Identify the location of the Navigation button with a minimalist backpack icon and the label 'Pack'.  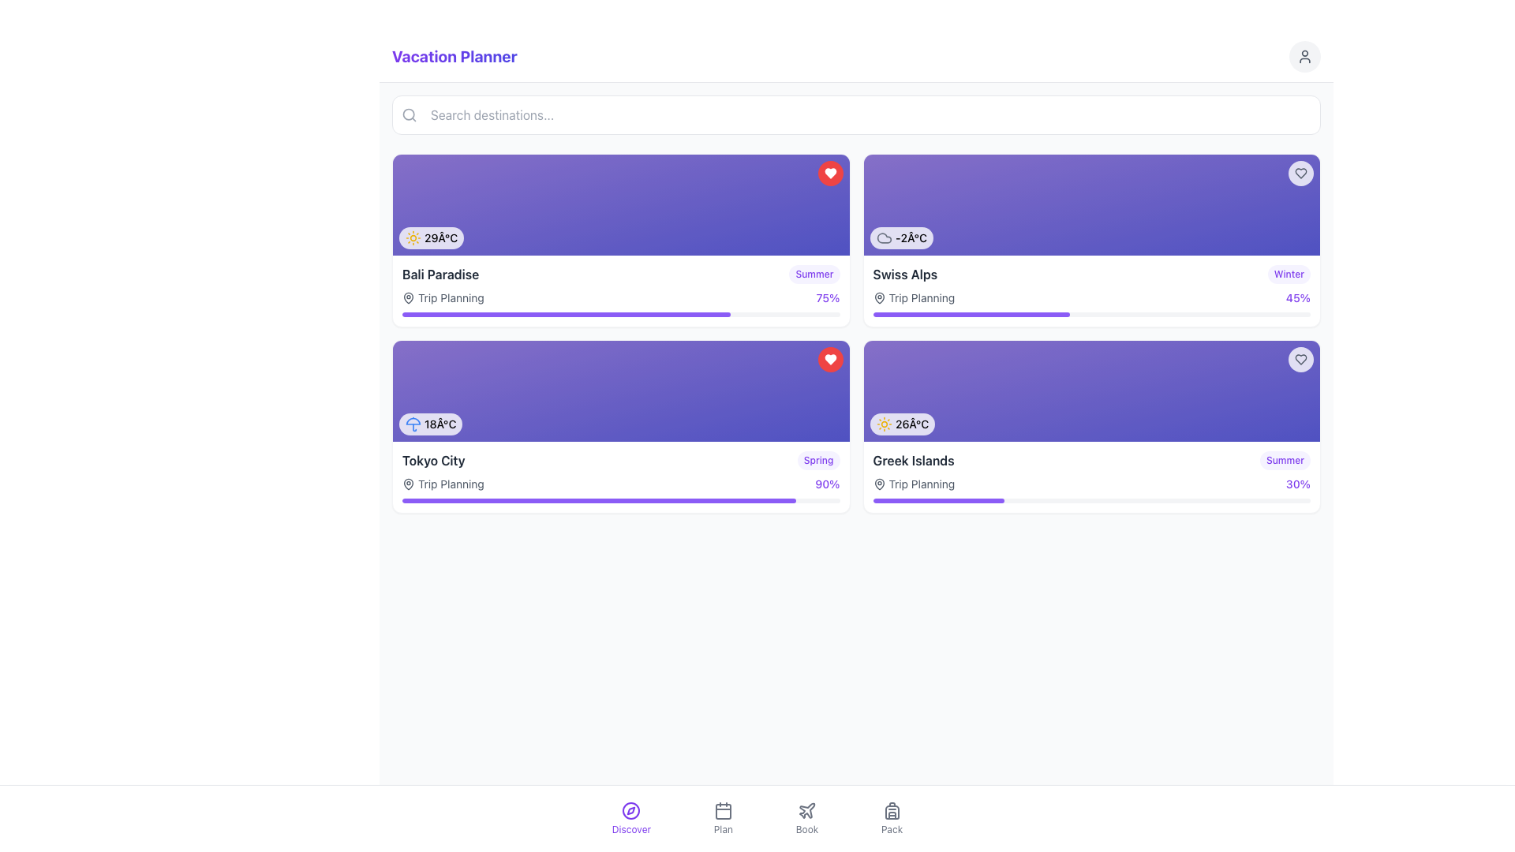
(892, 817).